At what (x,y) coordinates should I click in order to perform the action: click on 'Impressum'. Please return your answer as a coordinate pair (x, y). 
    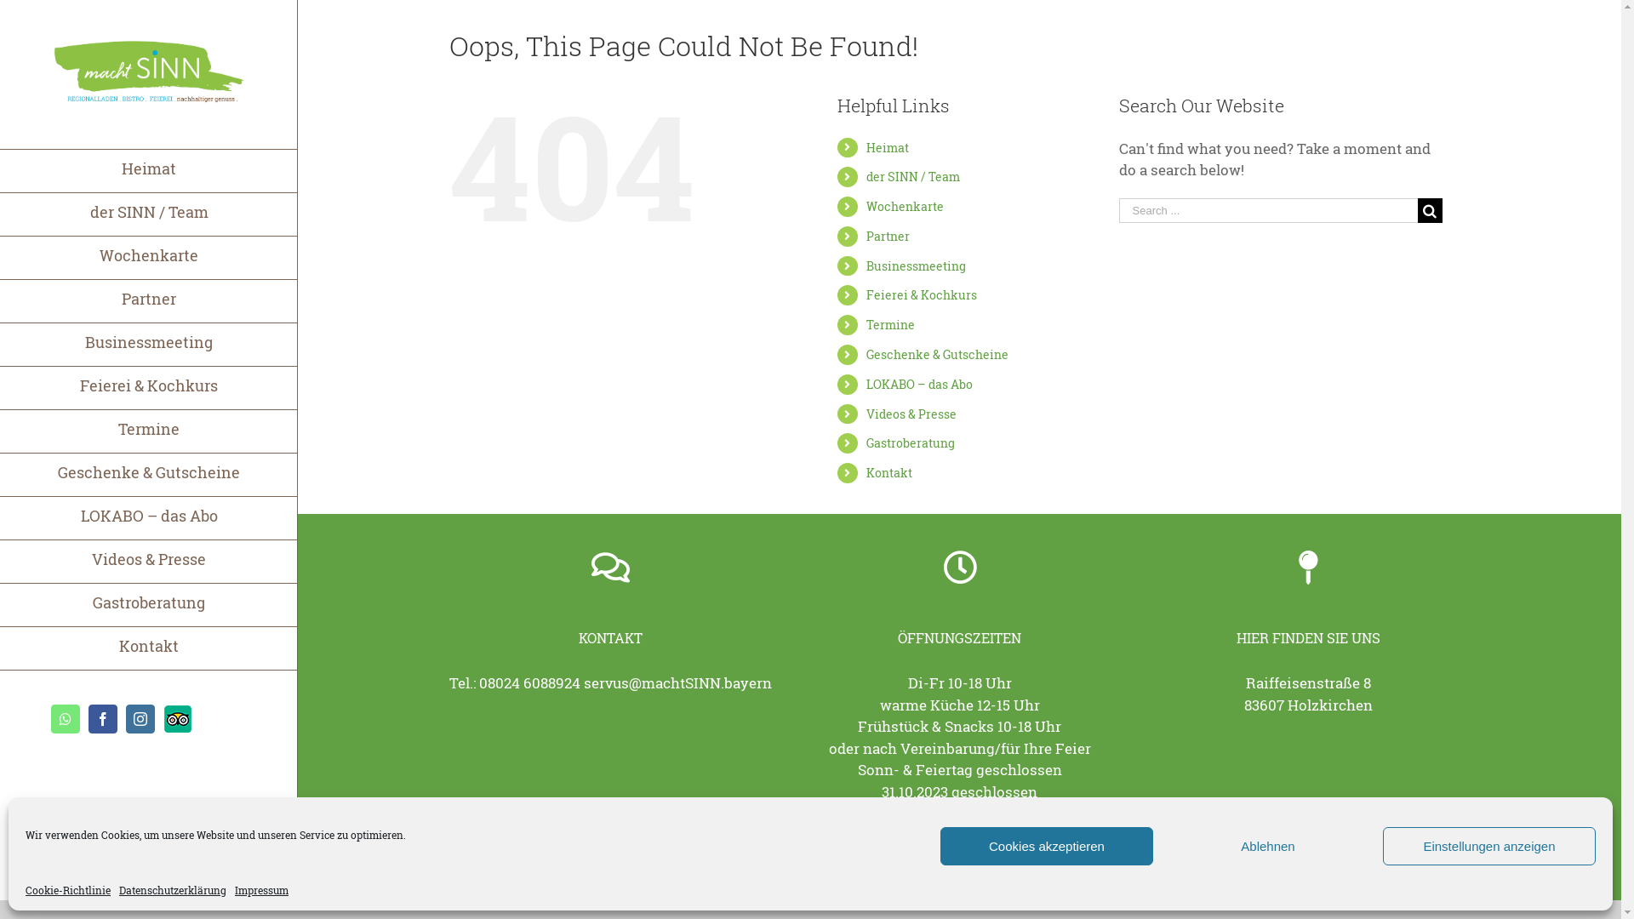
    Looking at the image, I should click on (260, 888).